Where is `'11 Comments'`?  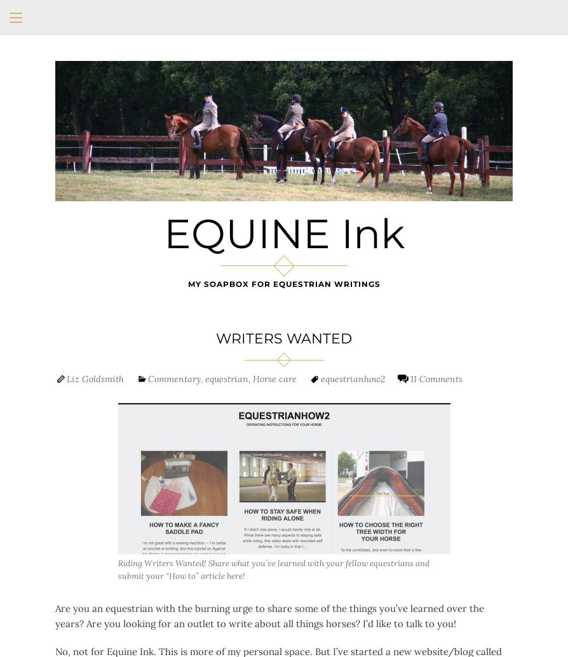
'11 Comments' is located at coordinates (436, 377).